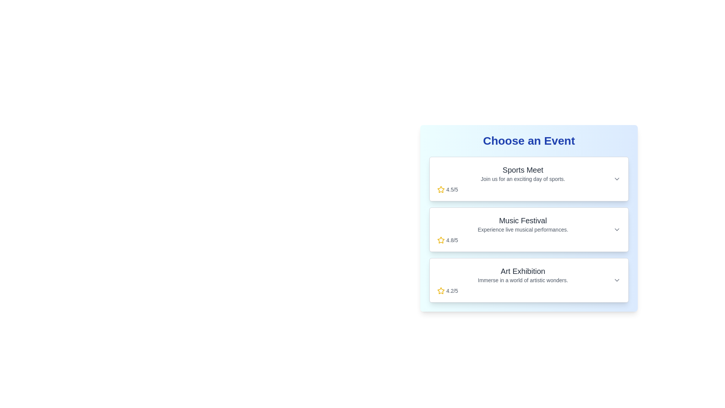 This screenshot has width=725, height=408. Describe the element at coordinates (523, 170) in the screenshot. I see `the text label or heading for the 'Sports Meet' event, which is positioned at the top center of the 'Choose an Event' interface` at that location.